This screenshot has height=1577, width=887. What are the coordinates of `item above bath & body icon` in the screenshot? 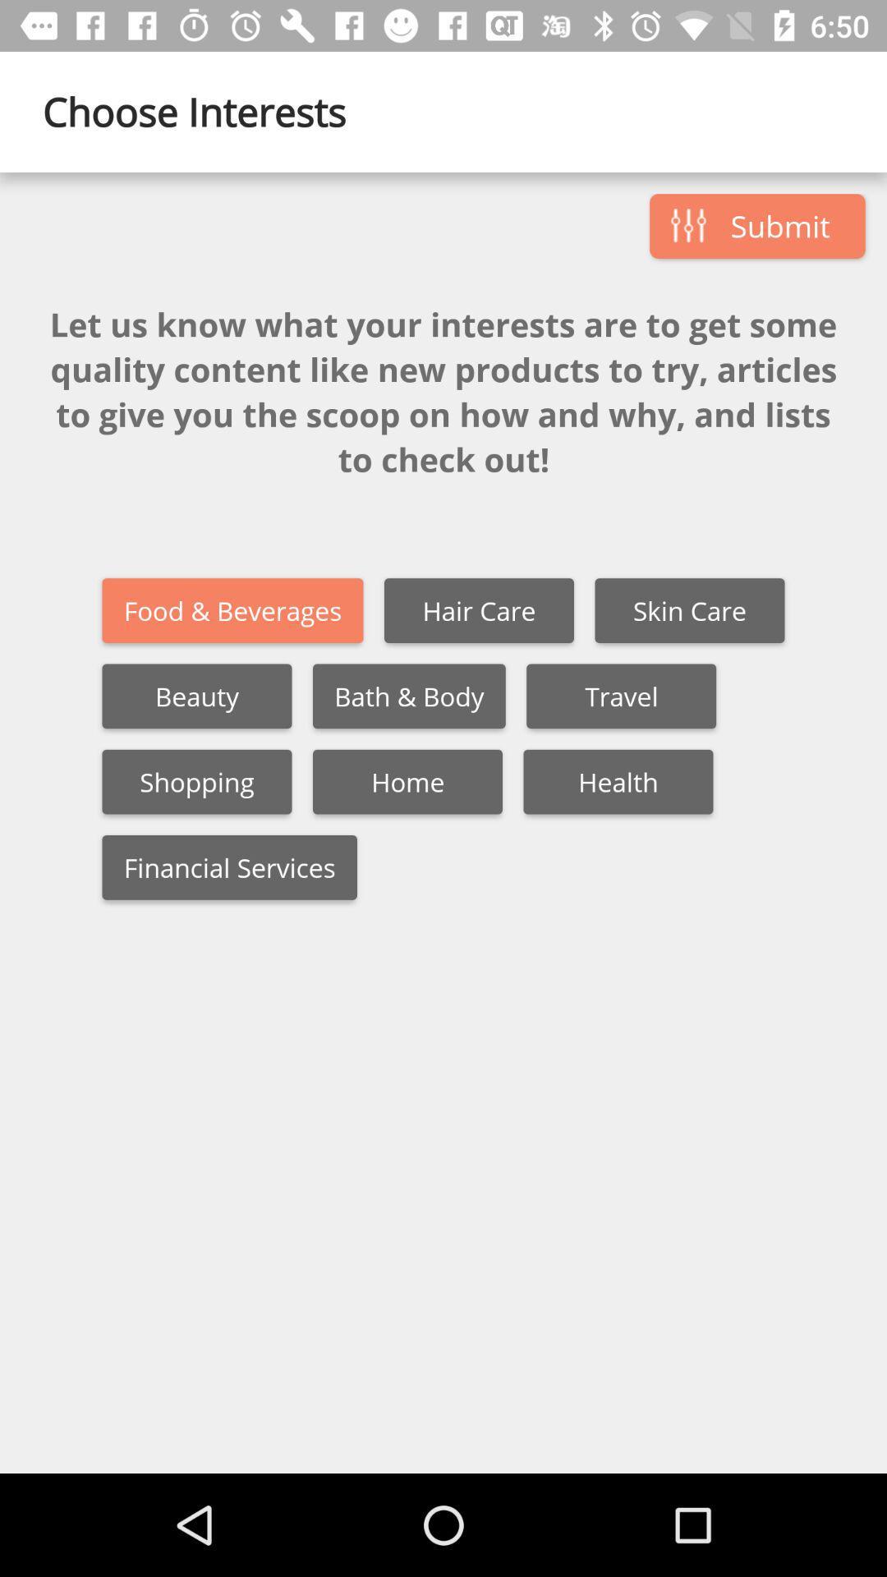 It's located at (479, 609).